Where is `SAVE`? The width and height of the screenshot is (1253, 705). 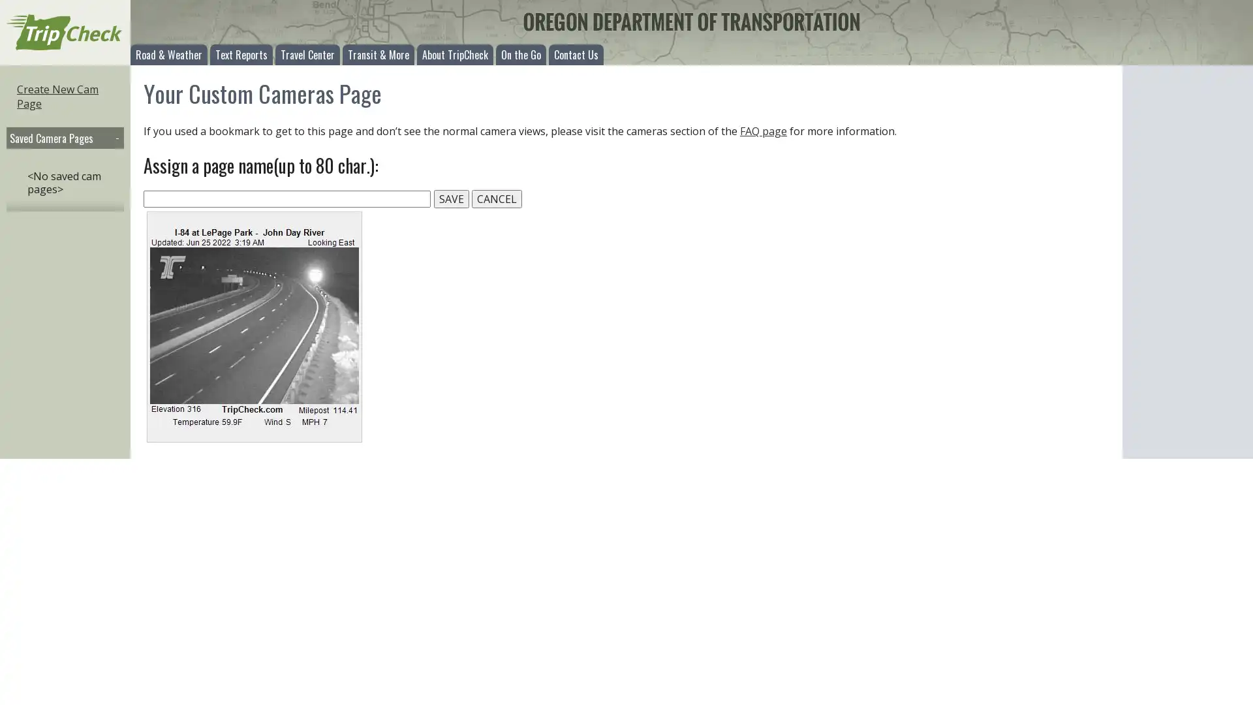
SAVE is located at coordinates (451, 198).